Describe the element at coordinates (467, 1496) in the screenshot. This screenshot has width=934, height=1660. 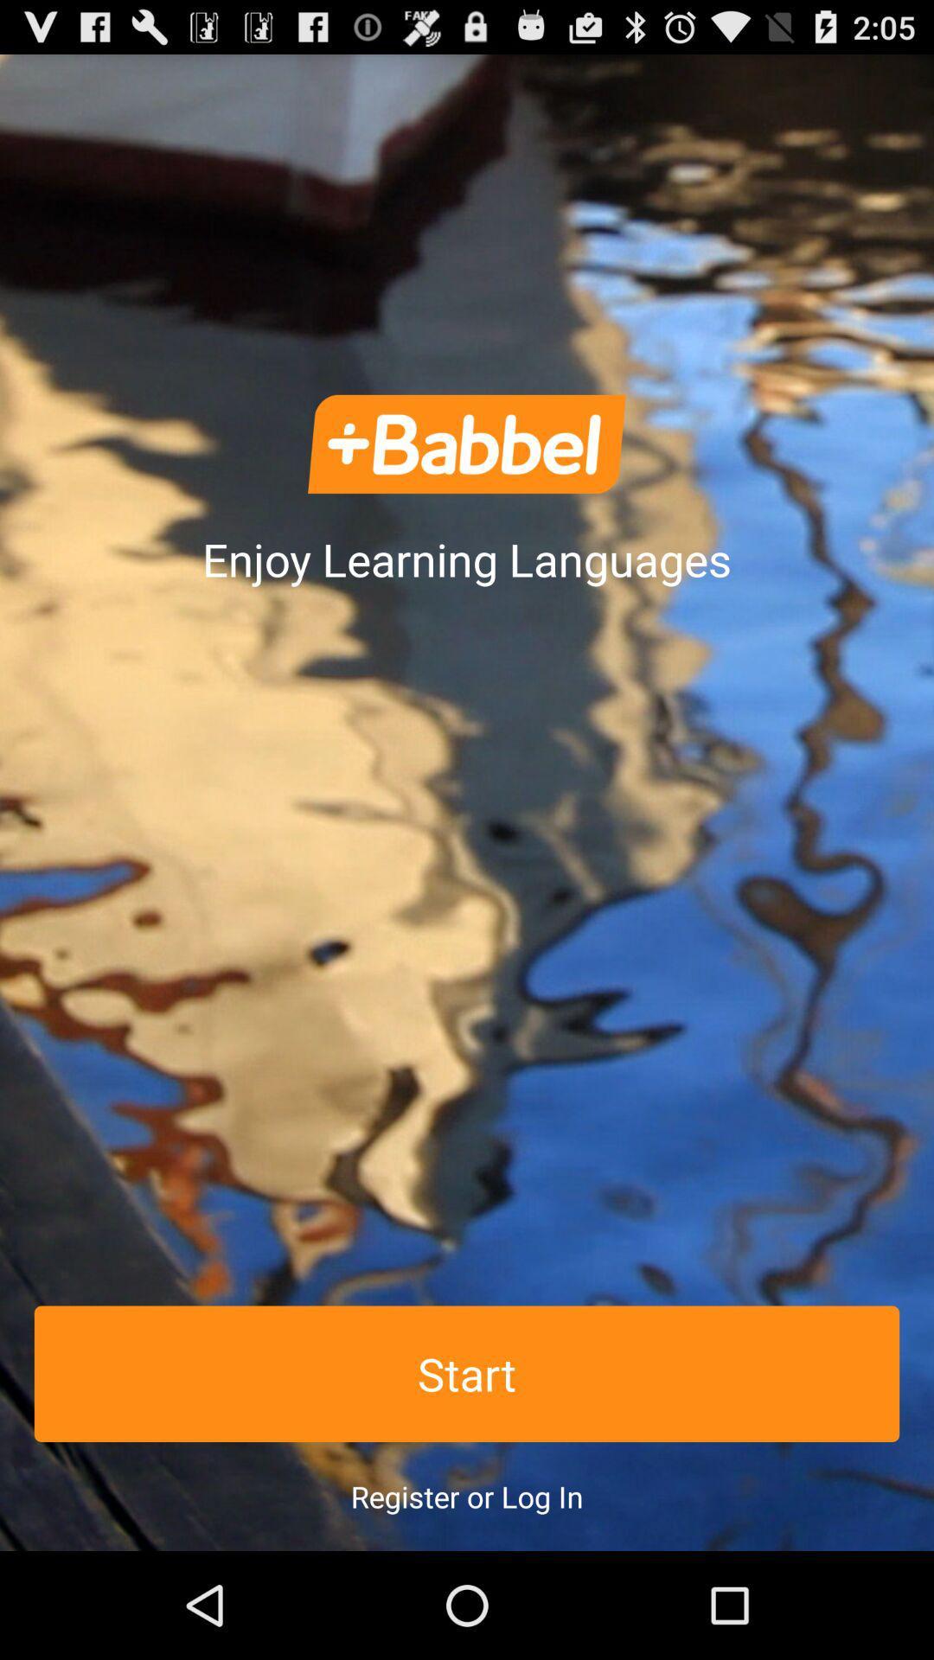
I see `icon below start item` at that location.